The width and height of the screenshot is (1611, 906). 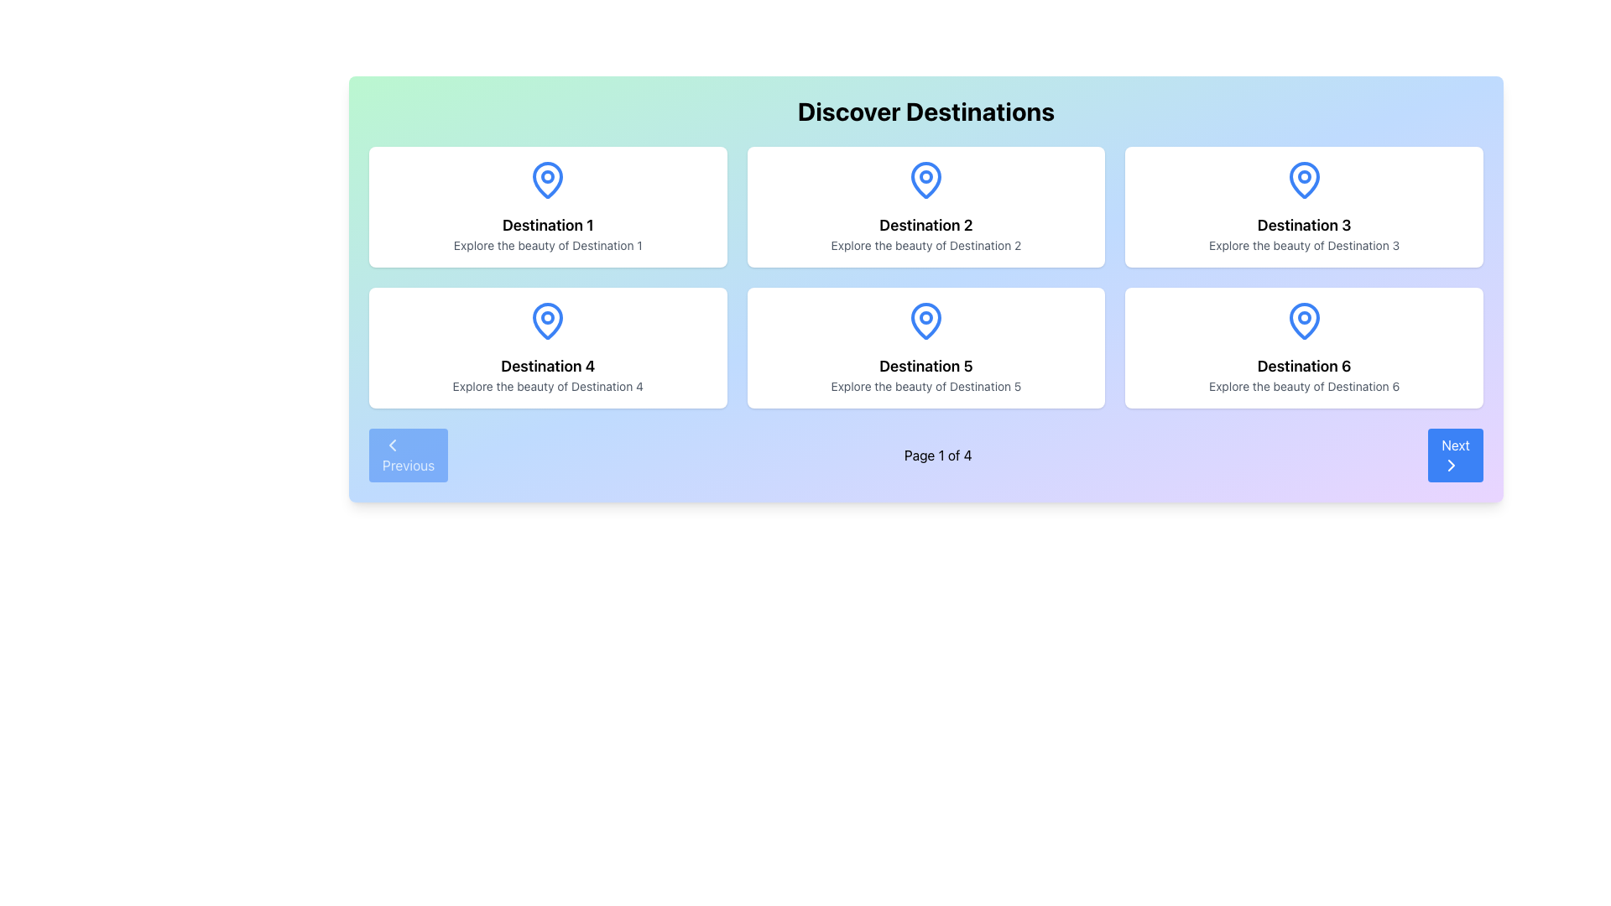 What do you see at coordinates (548, 387) in the screenshot?
I see `the static text that reads 'Explore the beauty of Destination 4', which is styled with a small font size, centered alignment, and gray color, located below the bold text 'Destination 4'` at bounding box center [548, 387].